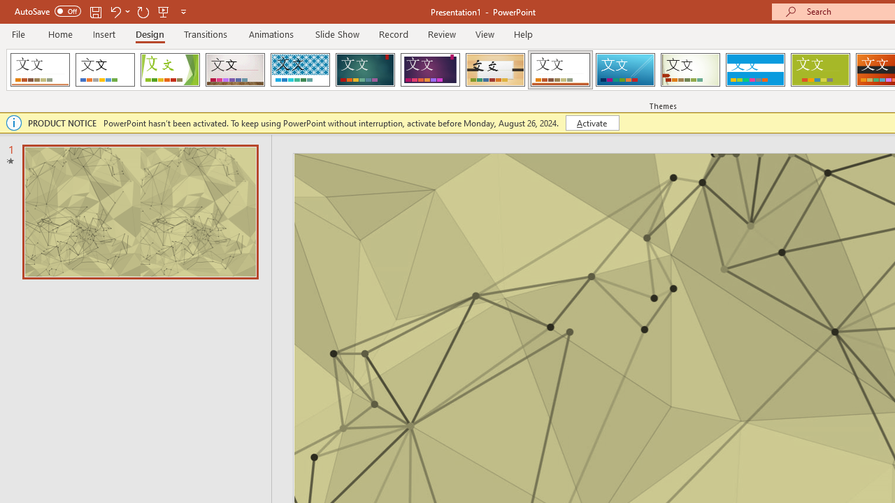 Image resolution: width=895 pixels, height=503 pixels. Describe the element at coordinates (169, 70) in the screenshot. I see `'Facet'` at that location.